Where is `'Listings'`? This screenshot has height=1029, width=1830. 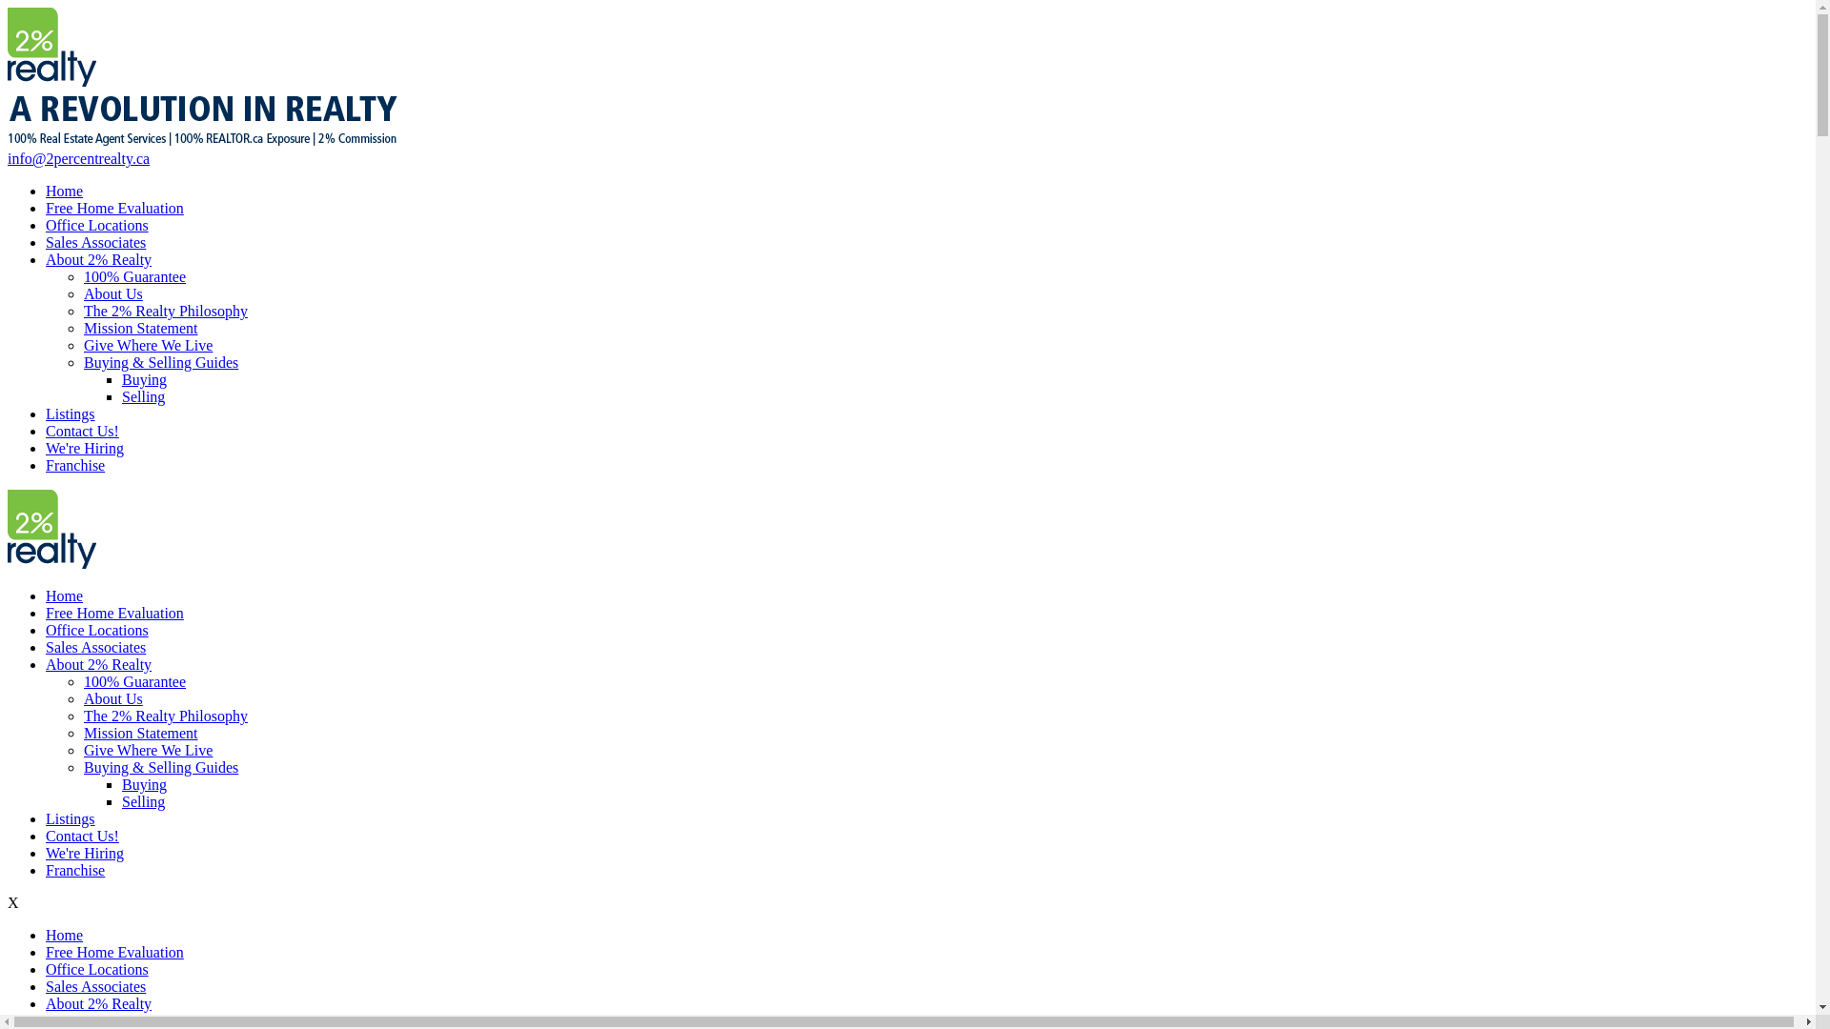 'Listings' is located at coordinates (70, 413).